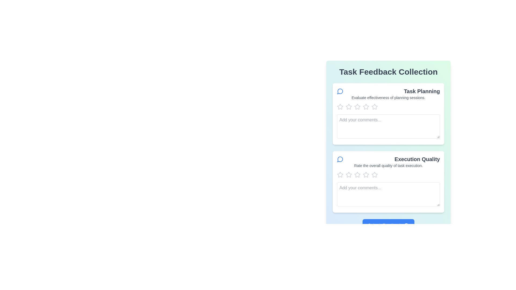  I want to click on the Task Planning icon in the Task Feedback Collection interface, which is a small SVG graphic located near the top left corner of the section, above the star rating feedback, so click(340, 91).